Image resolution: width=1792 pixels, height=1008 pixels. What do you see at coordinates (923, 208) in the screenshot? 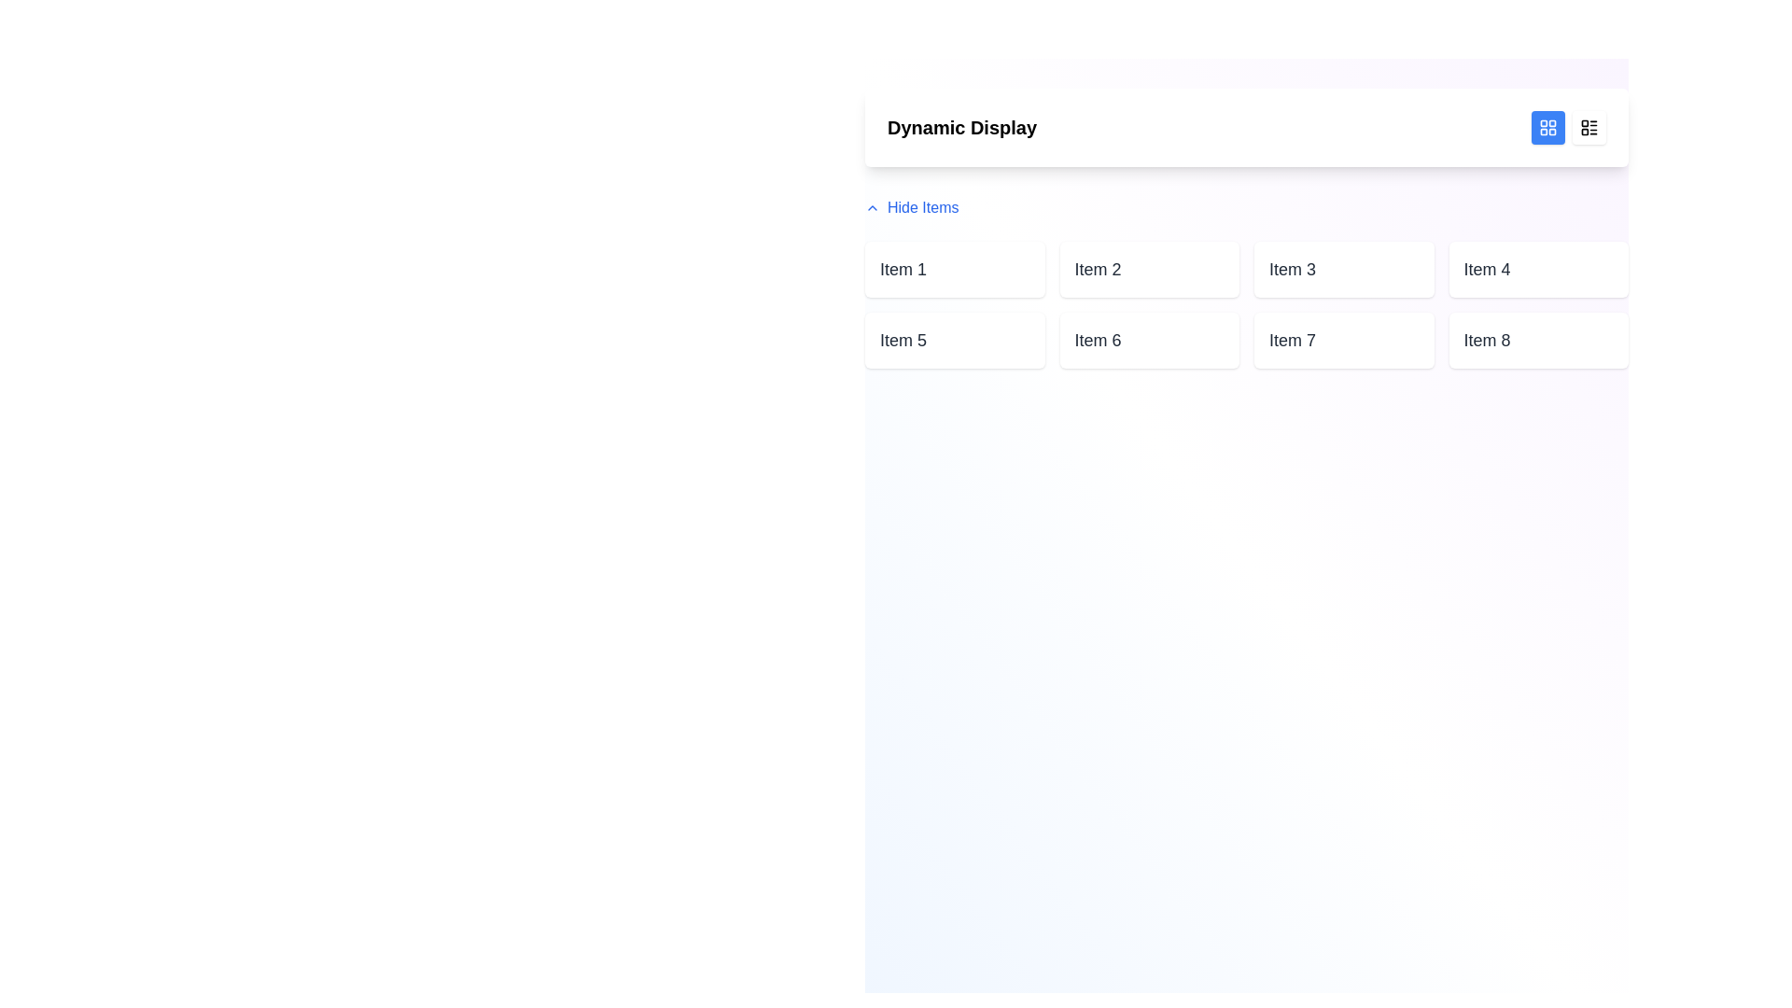
I see `the 'Hide Items' text label styled as a hyperlink, located below the 'Dynamic Display' header and above the grid of items` at bounding box center [923, 208].